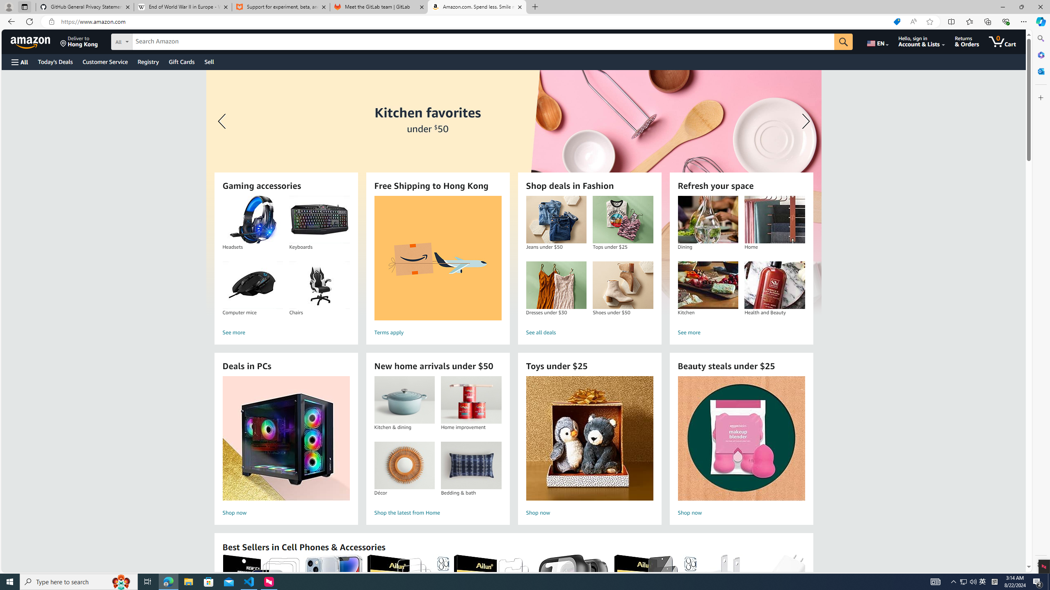 Image resolution: width=1050 pixels, height=590 pixels. Describe the element at coordinates (19, 61) in the screenshot. I see `'Open Menu'` at that location.